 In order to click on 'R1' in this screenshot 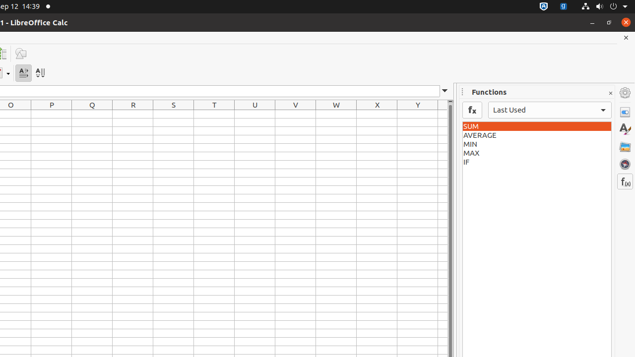, I will do `click(132, 114)`.